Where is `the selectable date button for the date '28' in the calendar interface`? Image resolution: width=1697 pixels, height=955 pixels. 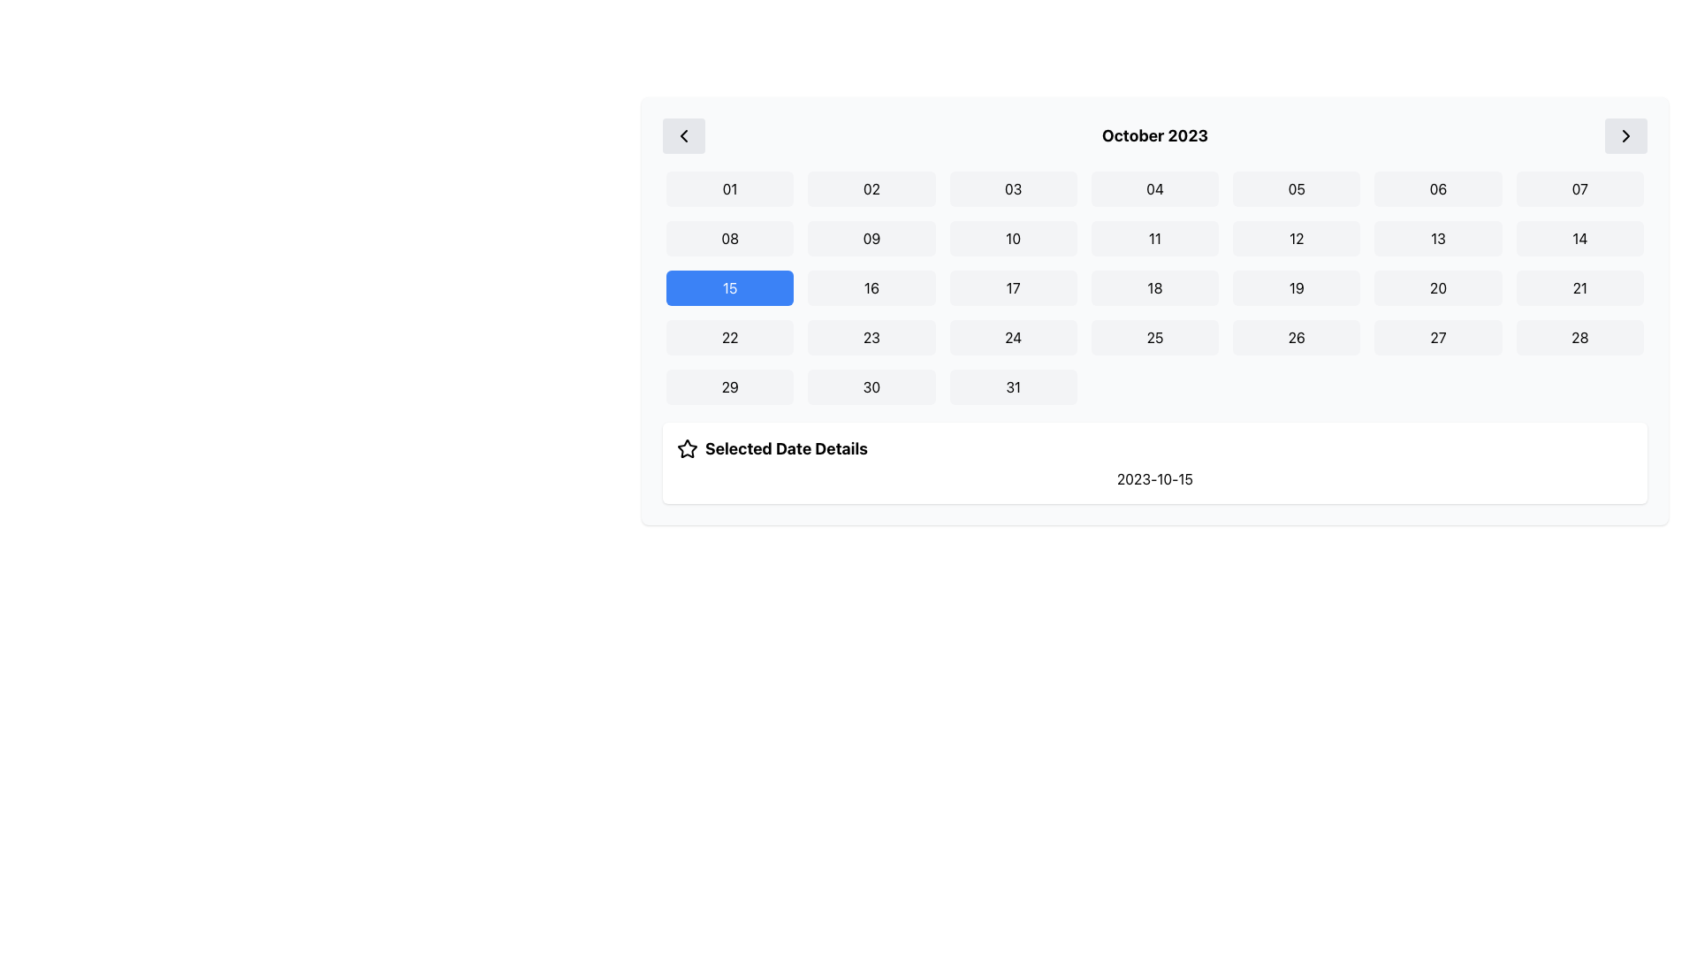
the selectable date button for the date '28' in the calendar interface is located at coordinates (1579, 337).